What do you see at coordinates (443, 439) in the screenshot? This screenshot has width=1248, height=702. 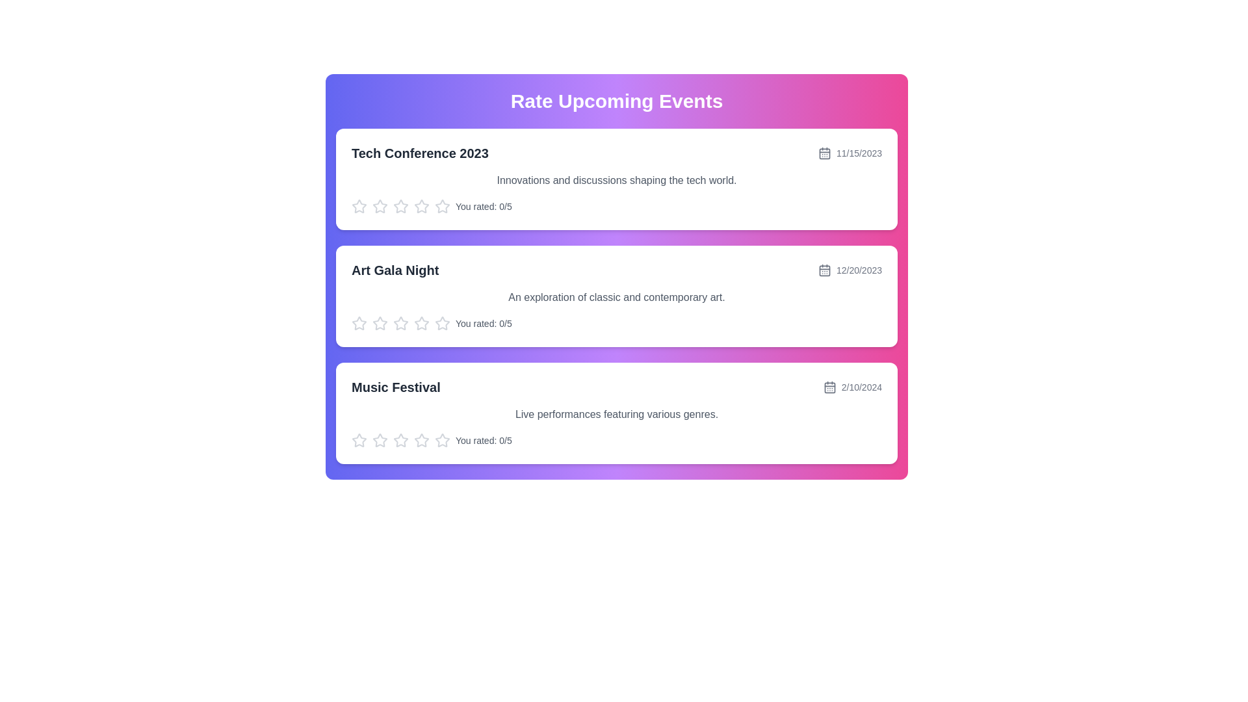 I see `the first star icon in the rating system for the 'Music Festival' event` at bounding box center [443, 439].